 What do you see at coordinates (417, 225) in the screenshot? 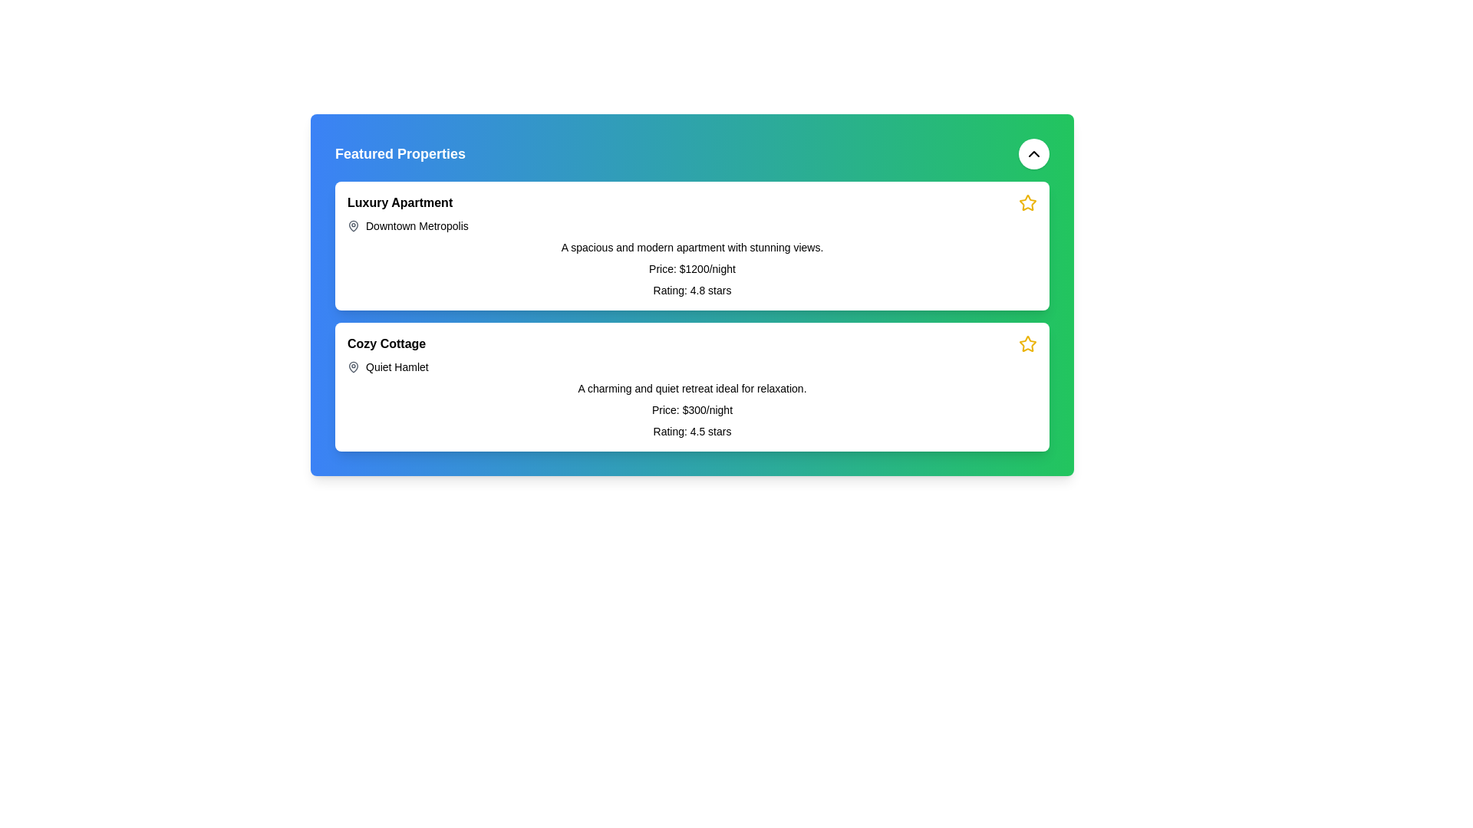
I see `the text label reading 'Downtown Metropolis', which is part of the description section for the 'Luxury Apartment' property and located next to a map pin icon` at bounding box center [417, 225].